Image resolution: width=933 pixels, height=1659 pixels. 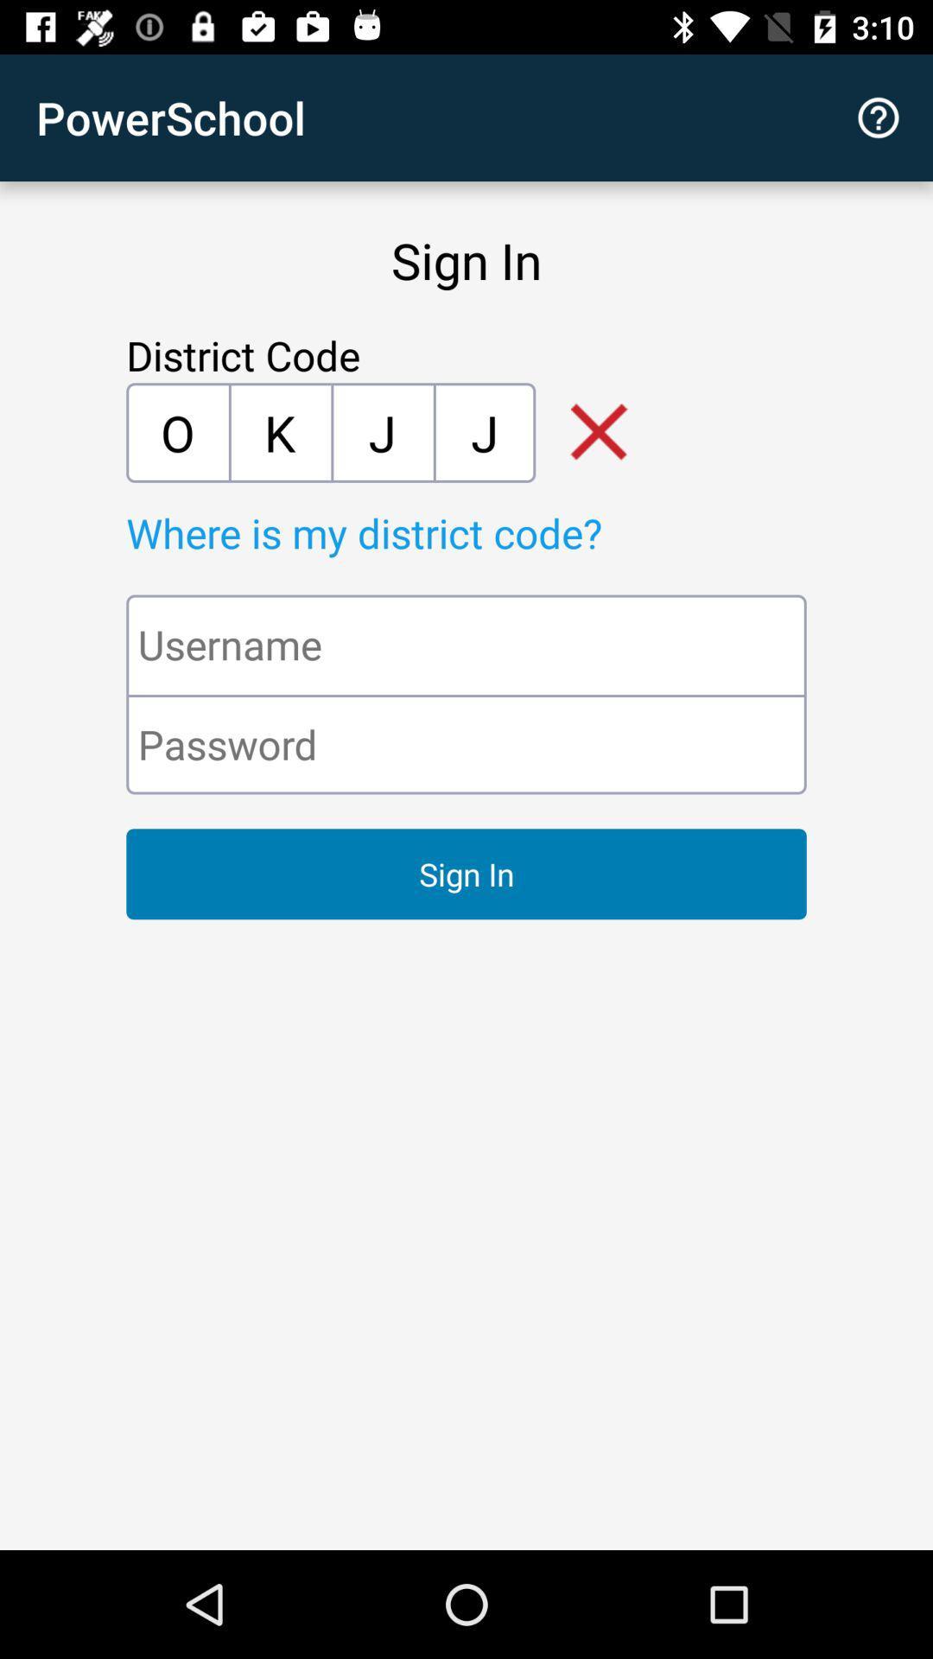 I want to click on icon below the o icon, so click(x=505, y=531).